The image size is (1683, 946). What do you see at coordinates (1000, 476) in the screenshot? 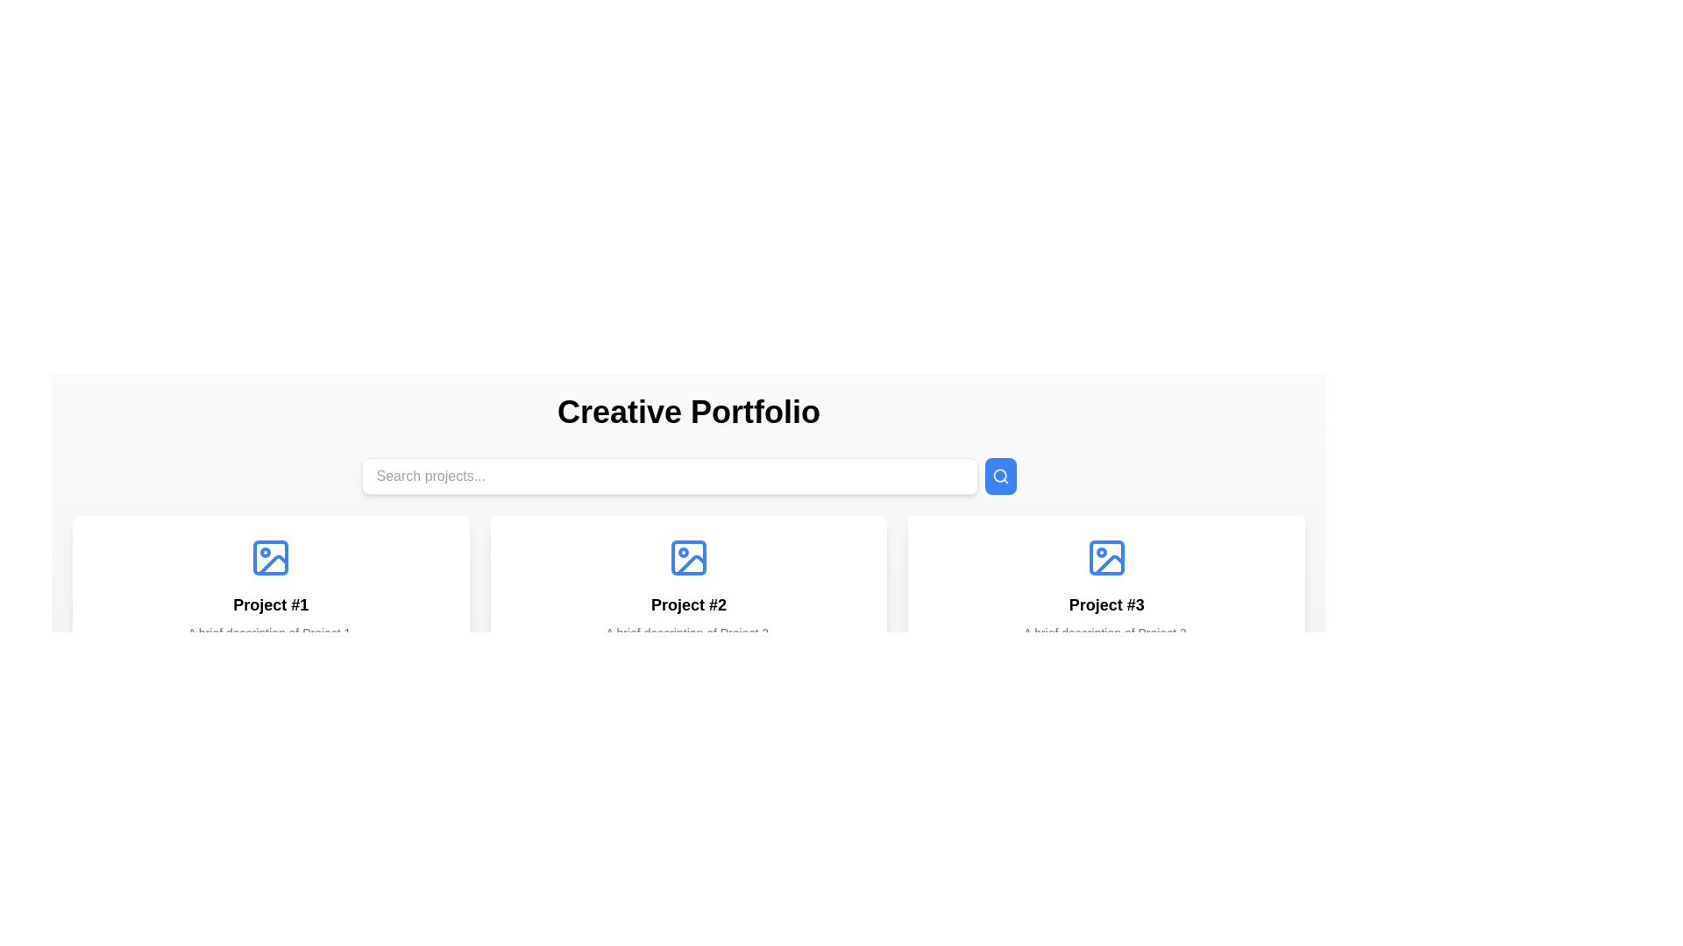
I see `the search button located near the right edge of the horizontal bar containing the search input field to initiate a search operation` at bounding box center [1000, 476].